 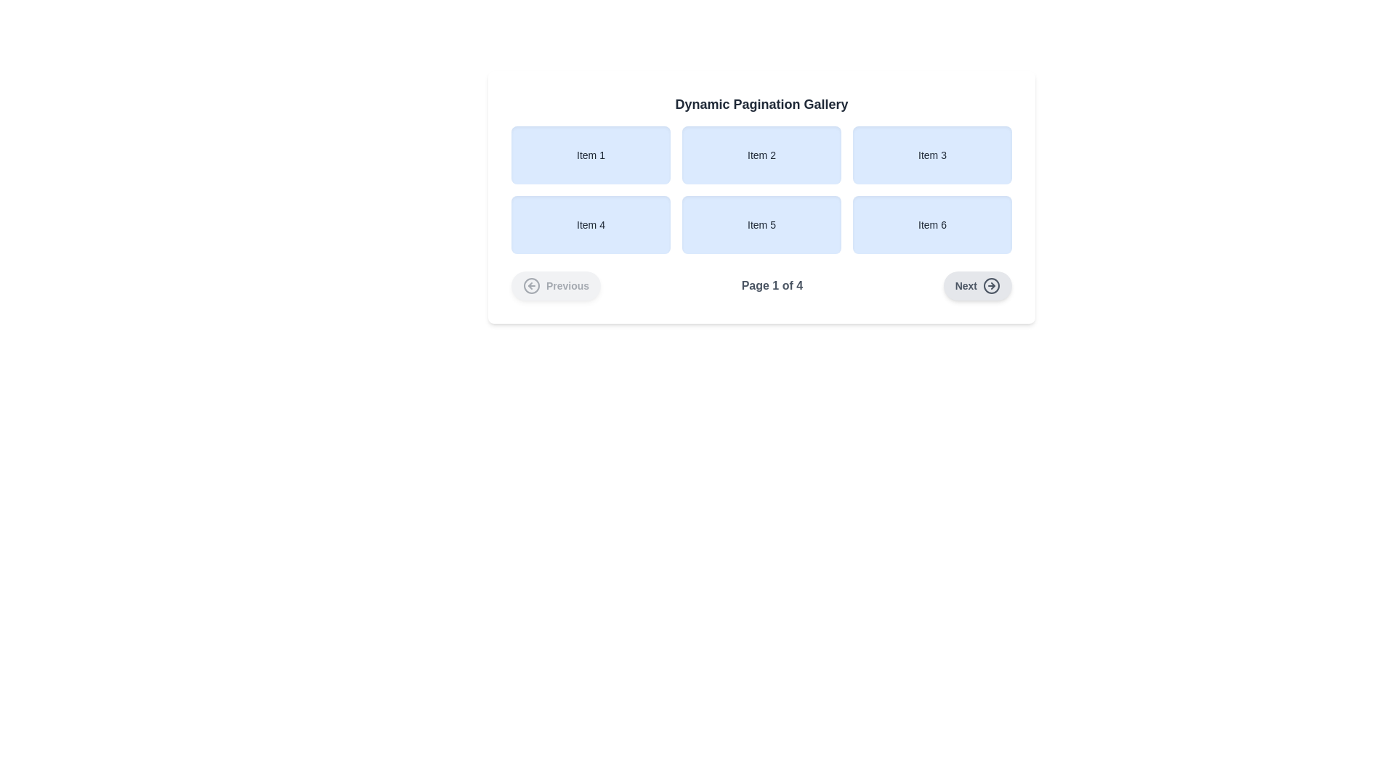 What do you see at coordinates (771, 285) in the screenshot?
I see `the static text element displaying 'Page 1 of 4', which is a bold, gray font page indicator centered within the pagination control area` at bounding box center [771, 285].